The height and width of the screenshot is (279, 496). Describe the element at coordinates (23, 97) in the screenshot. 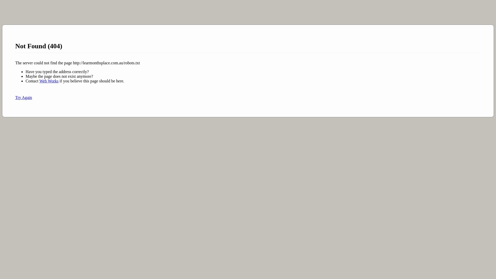

I see `'Try Again'` at that location.